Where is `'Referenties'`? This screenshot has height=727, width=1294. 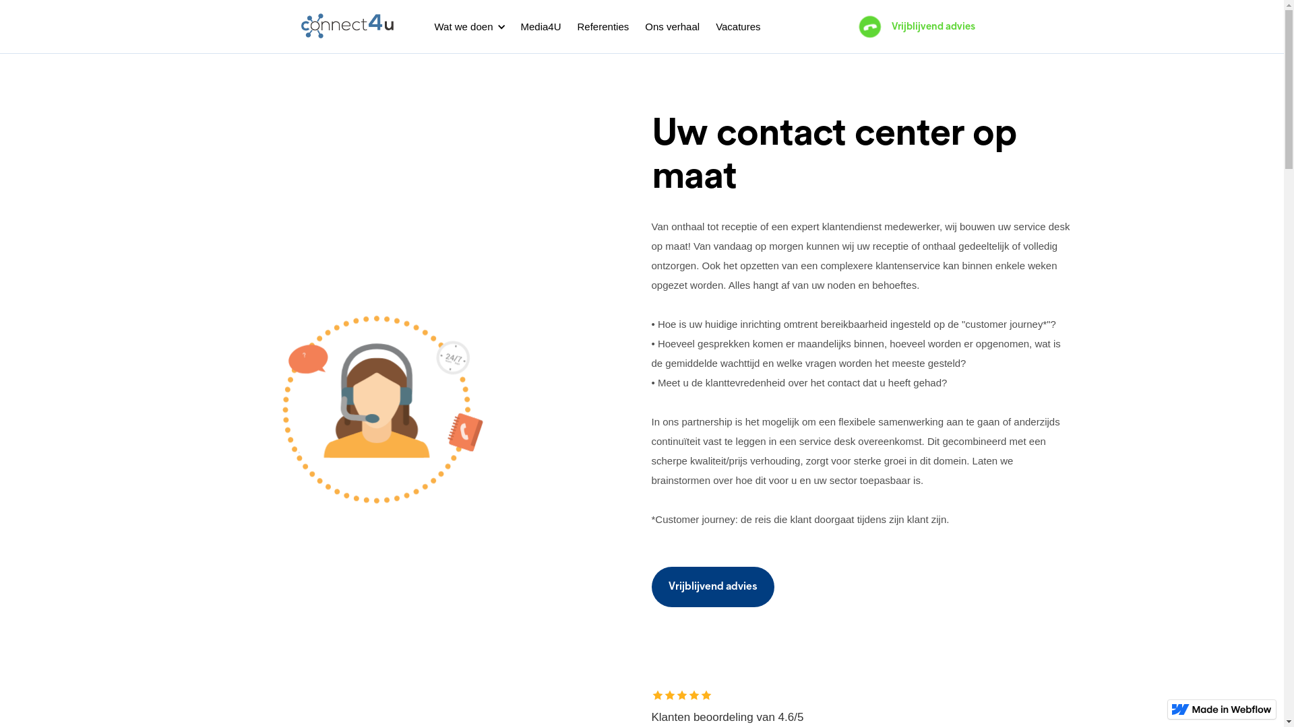 'Referenties' is located at coordinates (603, 26).